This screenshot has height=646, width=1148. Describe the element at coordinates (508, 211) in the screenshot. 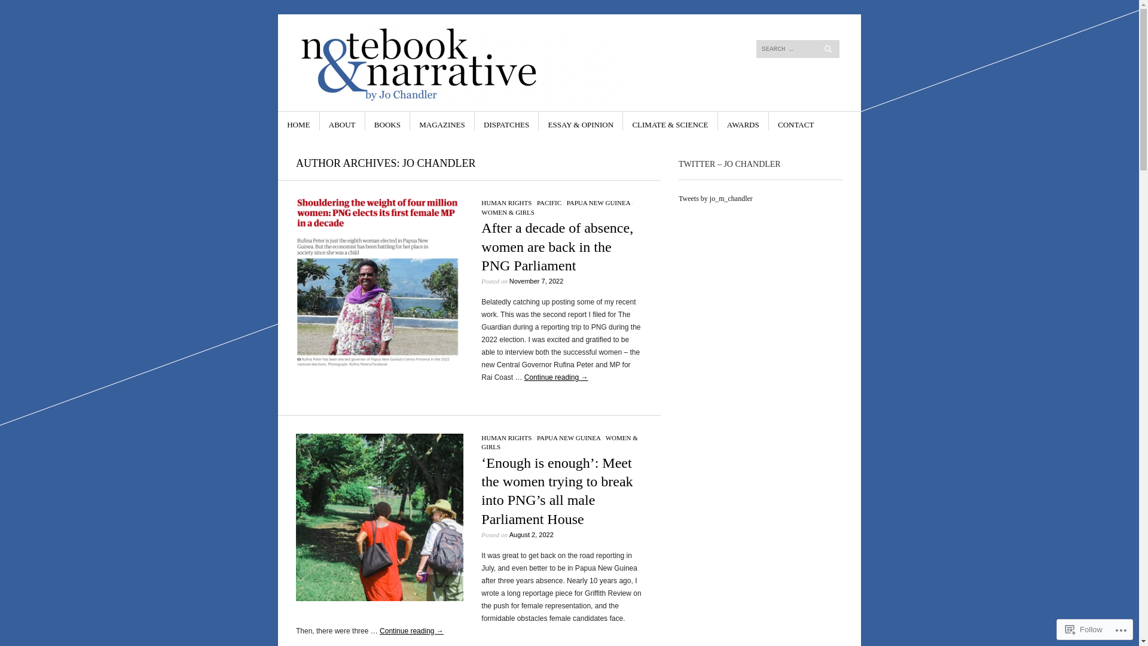

I see `'WOMEN & GIRLS'` at that location.